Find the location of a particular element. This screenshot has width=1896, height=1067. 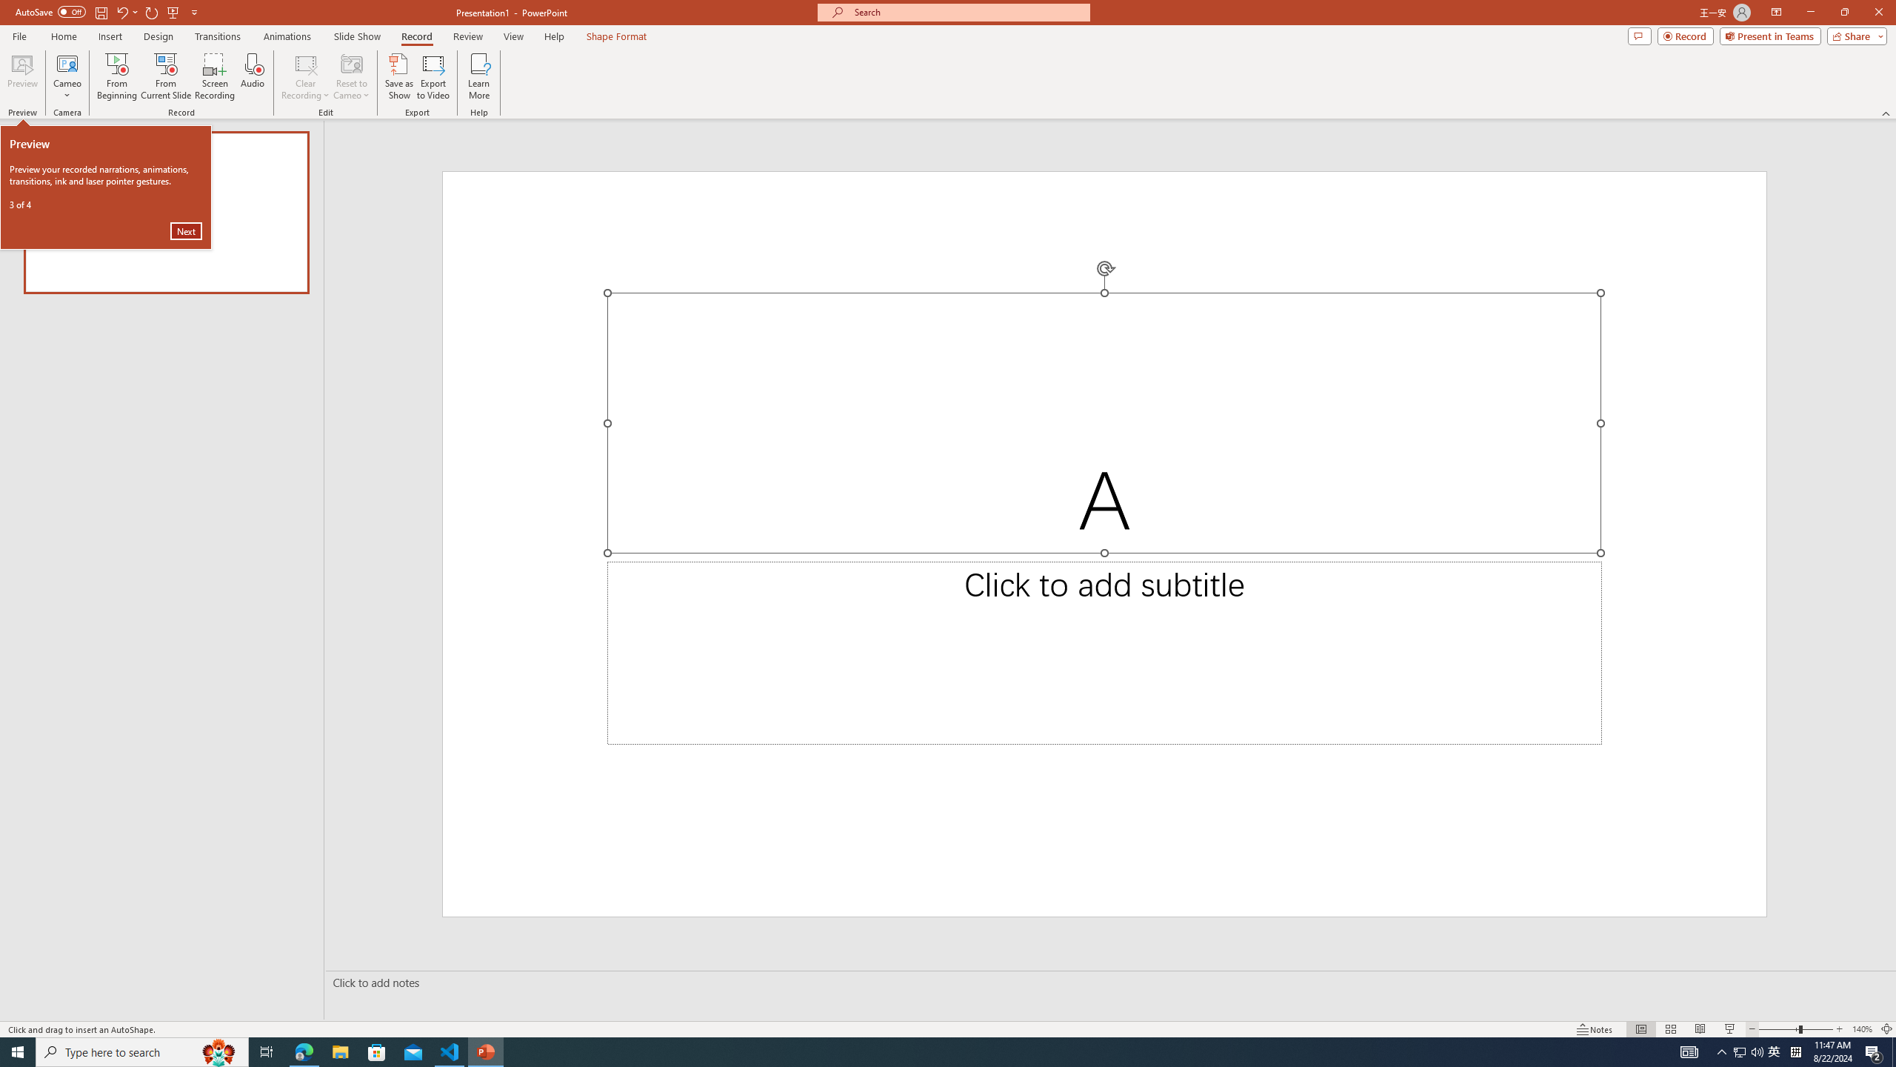

'From Current Slide...' is located at coordinates (166, 76).